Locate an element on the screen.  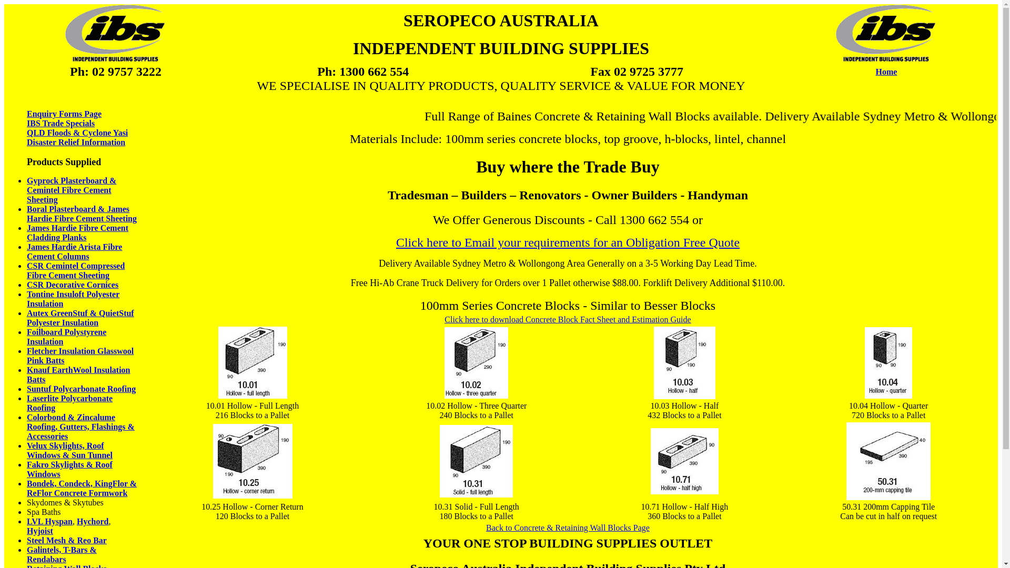
'CSR Cemintel Compressed Fibre Cement Sheeting' is located at coordinates (75, 270).